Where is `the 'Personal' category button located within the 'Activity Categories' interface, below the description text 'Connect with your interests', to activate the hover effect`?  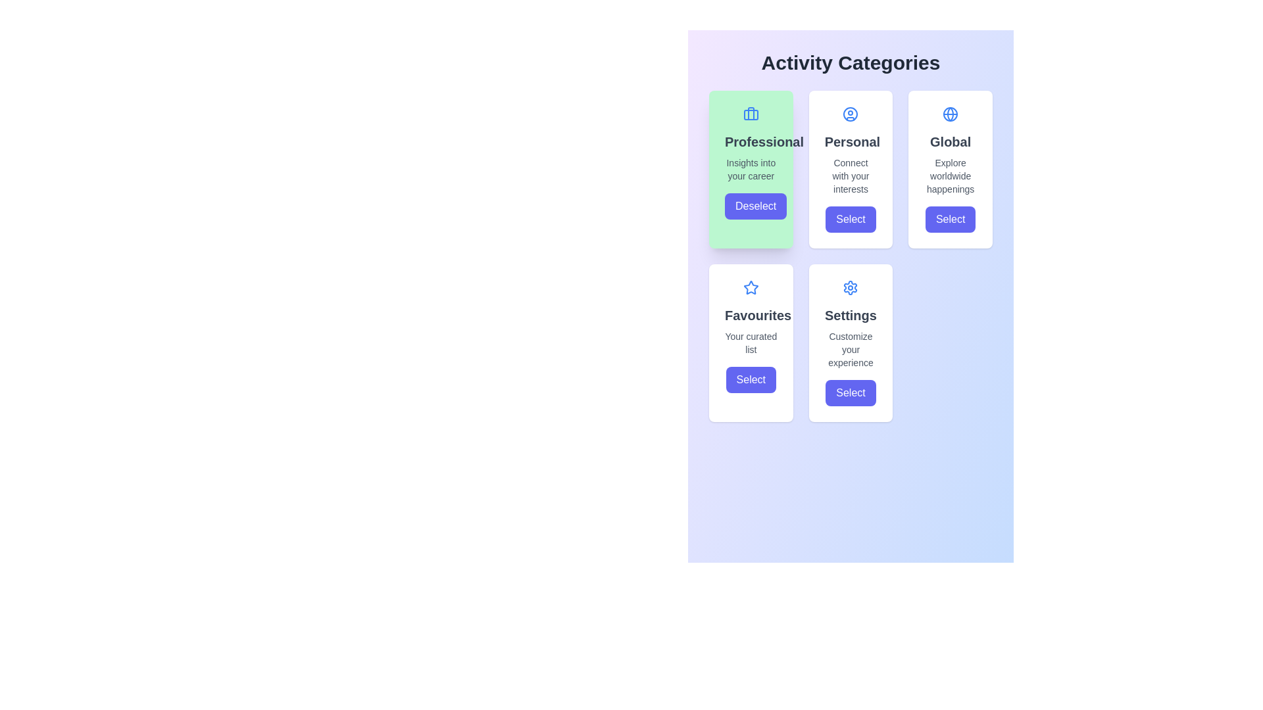 the 'Personal' category button located within the 'Activity Categories' interface, below the description text 'Connect with your interests', to activate the hover effect is located at coordinates (851, 219).